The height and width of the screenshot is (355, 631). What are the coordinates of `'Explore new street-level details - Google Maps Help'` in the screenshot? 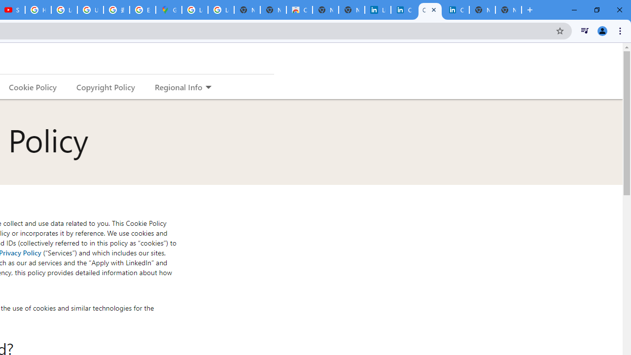 It's located at (142, 10).